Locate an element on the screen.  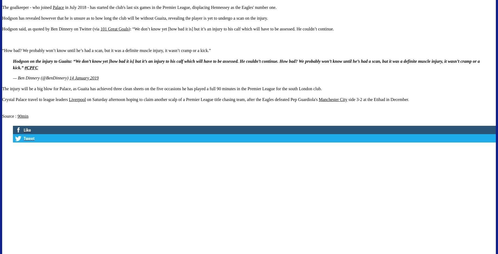
'14 January 2019' is located at coordinates (83, 78).